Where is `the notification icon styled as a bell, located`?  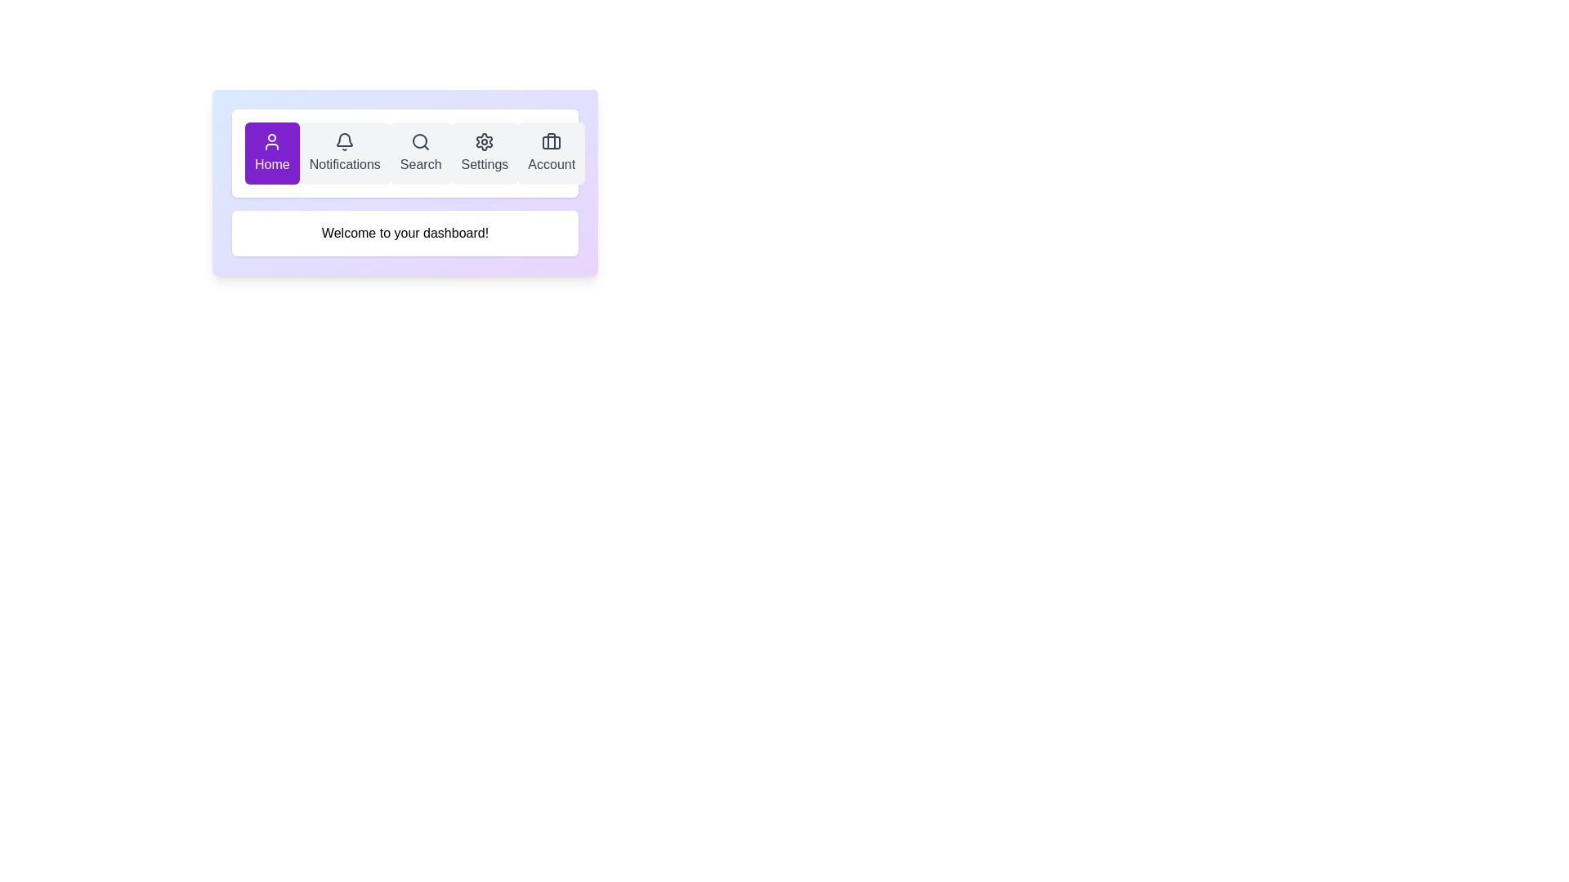 the notification icon styled as a bell, located is located at coordinates (344, 140).